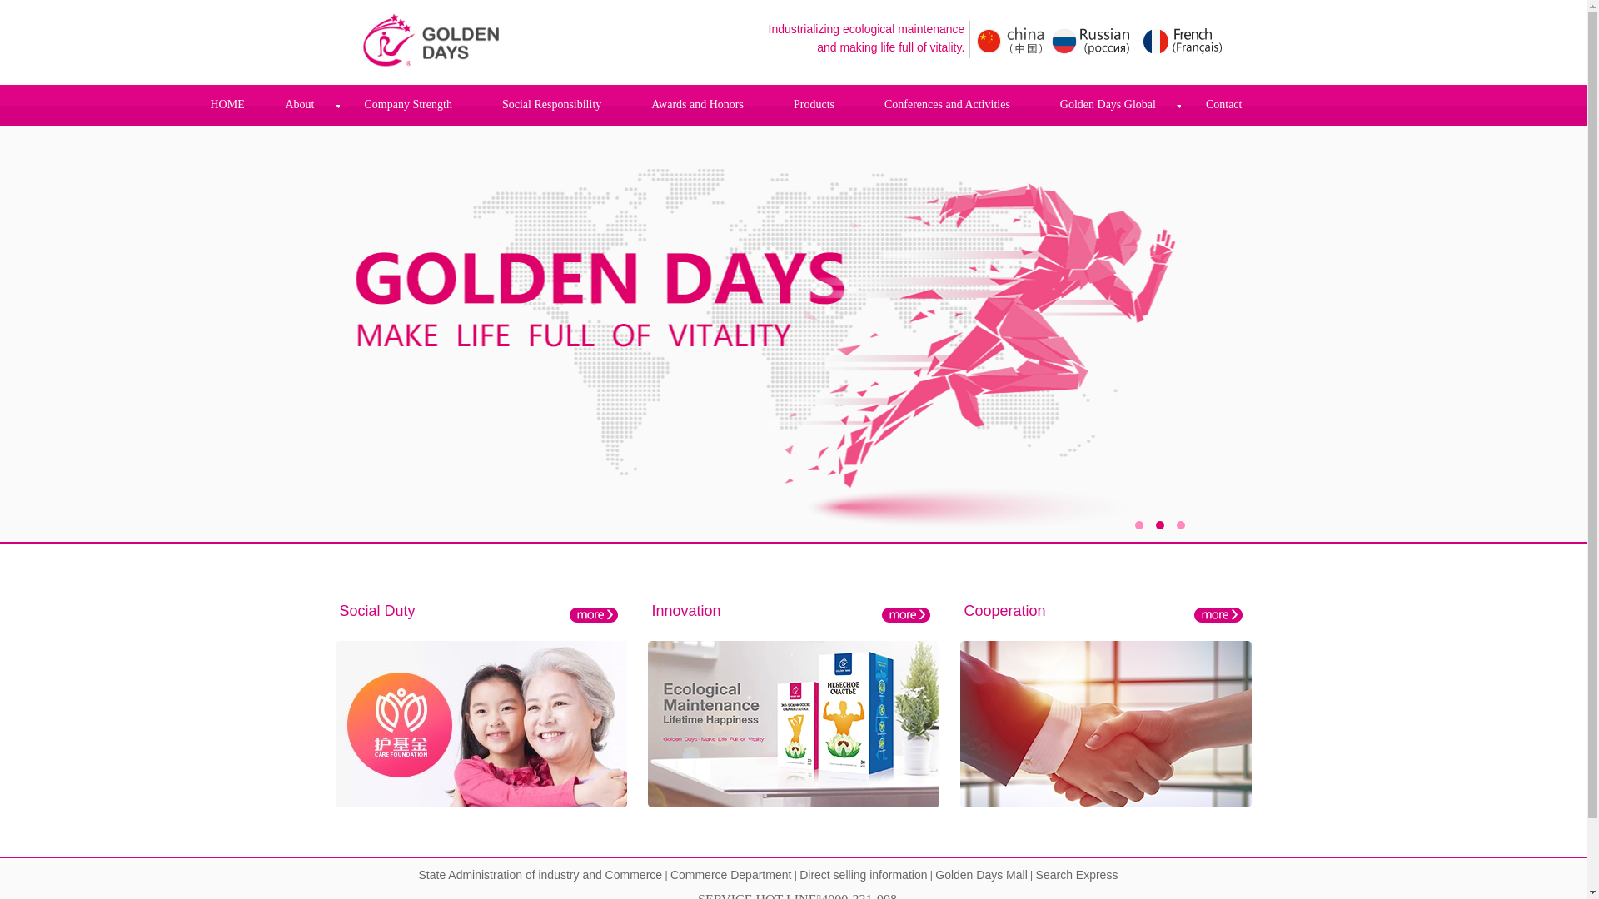  Describe the element at coordinates (299, 105) in the screenshot. I see `'About'` at that location.